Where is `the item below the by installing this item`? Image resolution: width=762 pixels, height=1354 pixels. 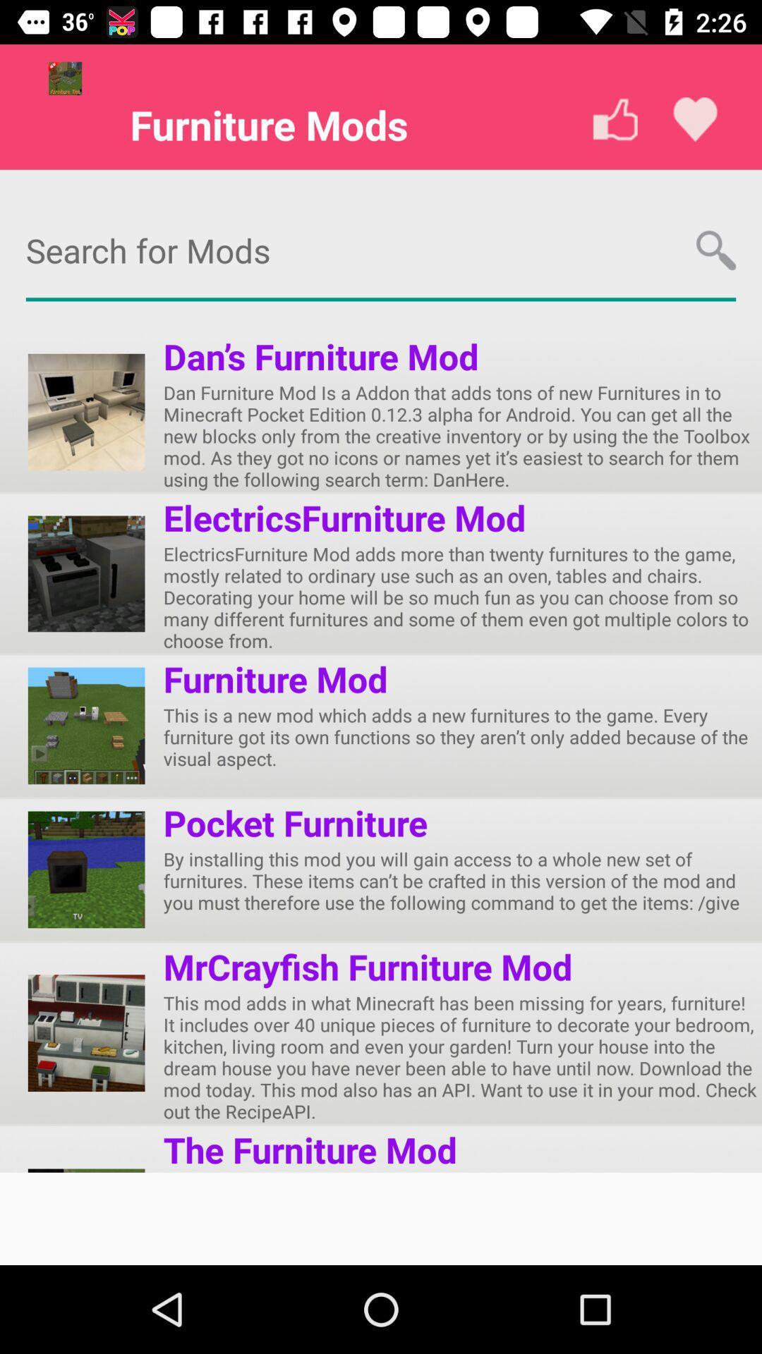
the item below the by installing this item is located at coordinates (367, 966).